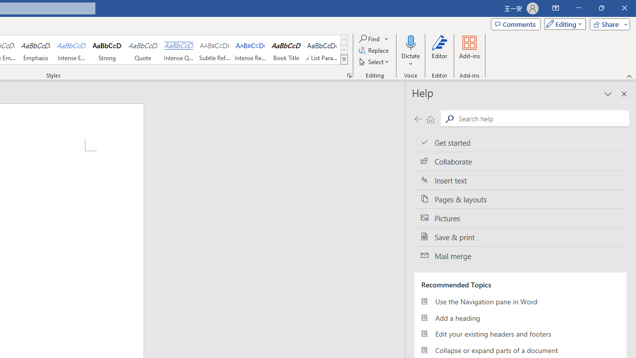  Describe the element at coordinates (555, 8) in the screenshot. I see `'Ribbon Display Options'` at that location.